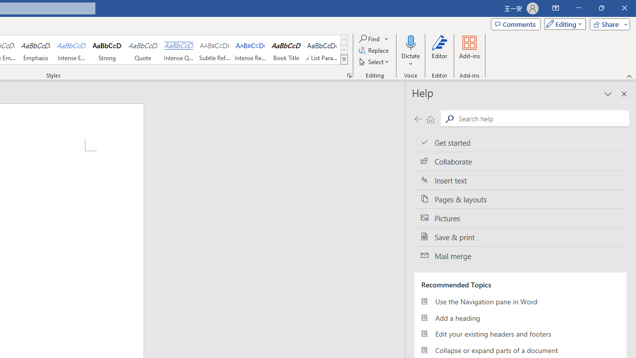  Describe the element at coordinates (555, 8) in the screenshot. I see `'Ribbon Display Options'` at that location.